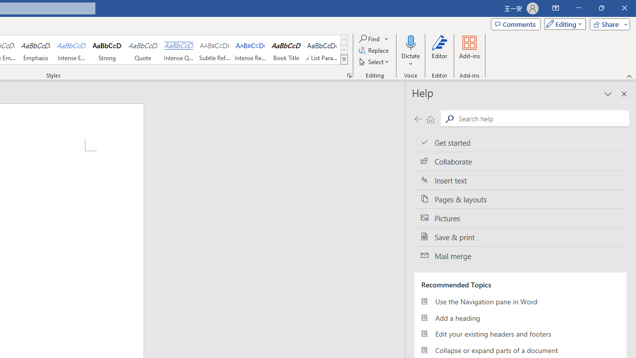  Describe the element at coordinates (555, 8) in the screenshot. I see `'Ribbon Display Options'` at that location.